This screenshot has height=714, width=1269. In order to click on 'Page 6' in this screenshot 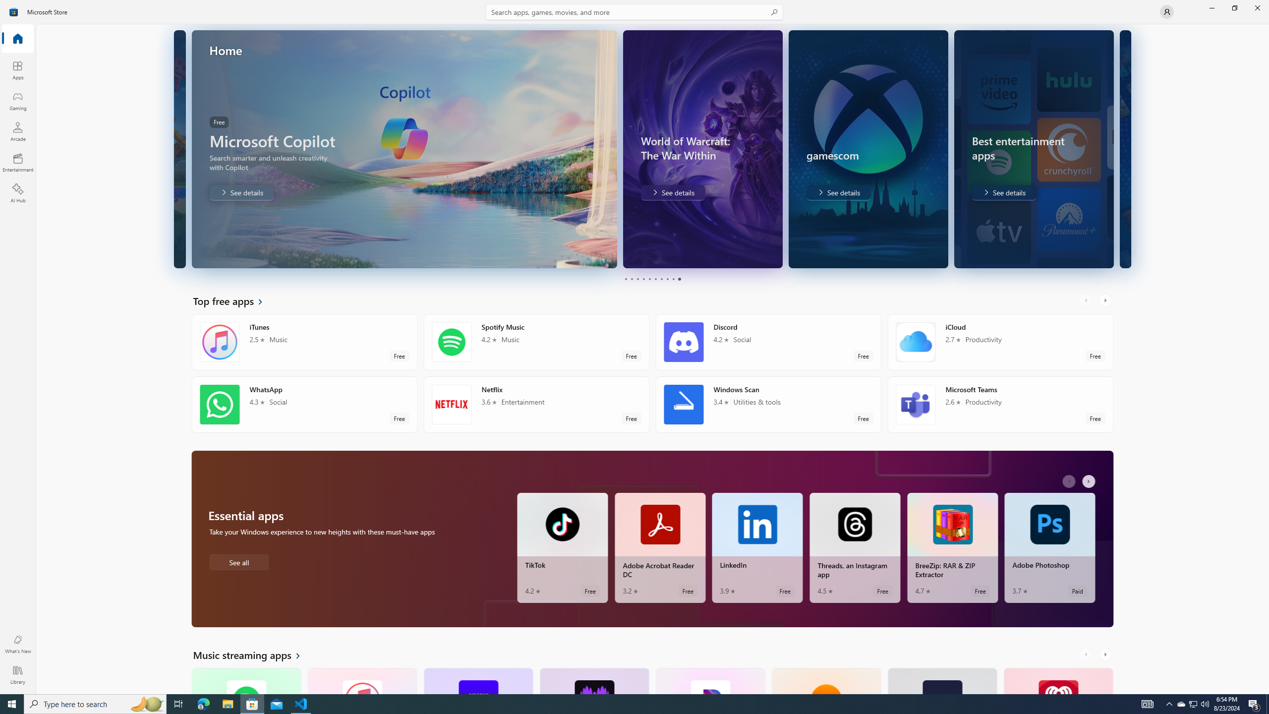, I will do `click(655, 279)`.